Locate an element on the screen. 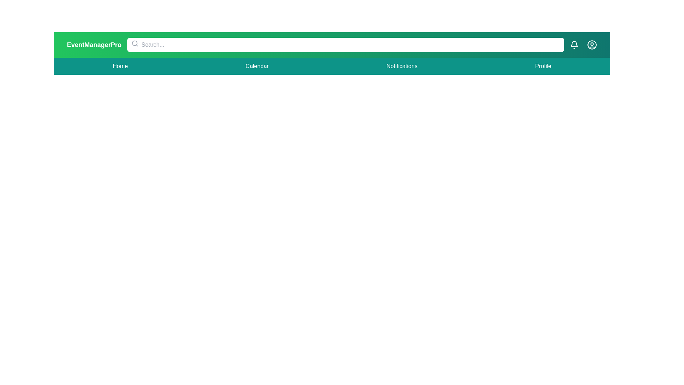 This screenshot has width=684, height=385. the menu item Home from the navigation bar is located at coordinates (120, 66).